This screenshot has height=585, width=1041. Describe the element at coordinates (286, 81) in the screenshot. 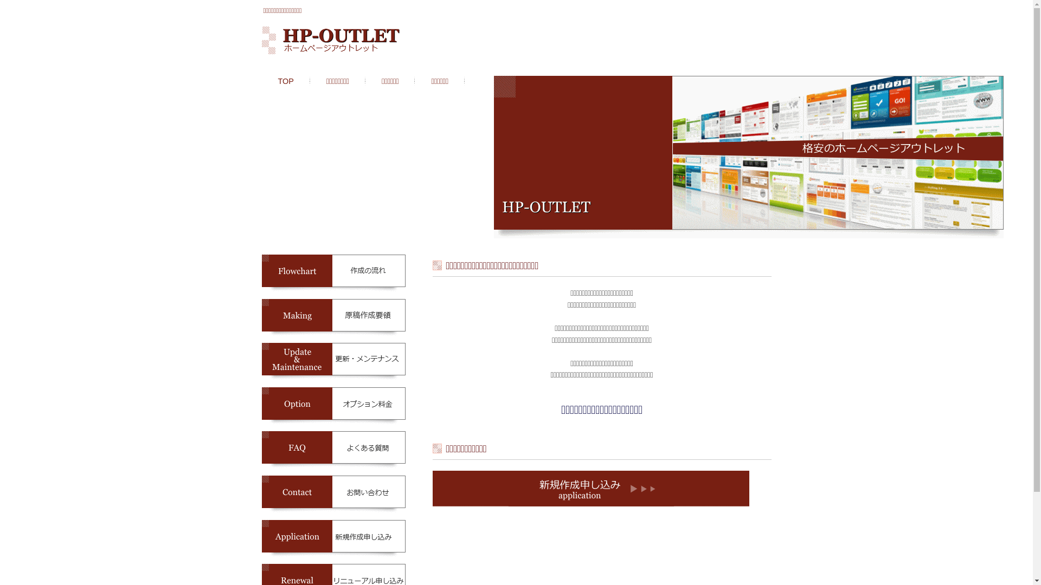

I see `'TOP'` at that location.